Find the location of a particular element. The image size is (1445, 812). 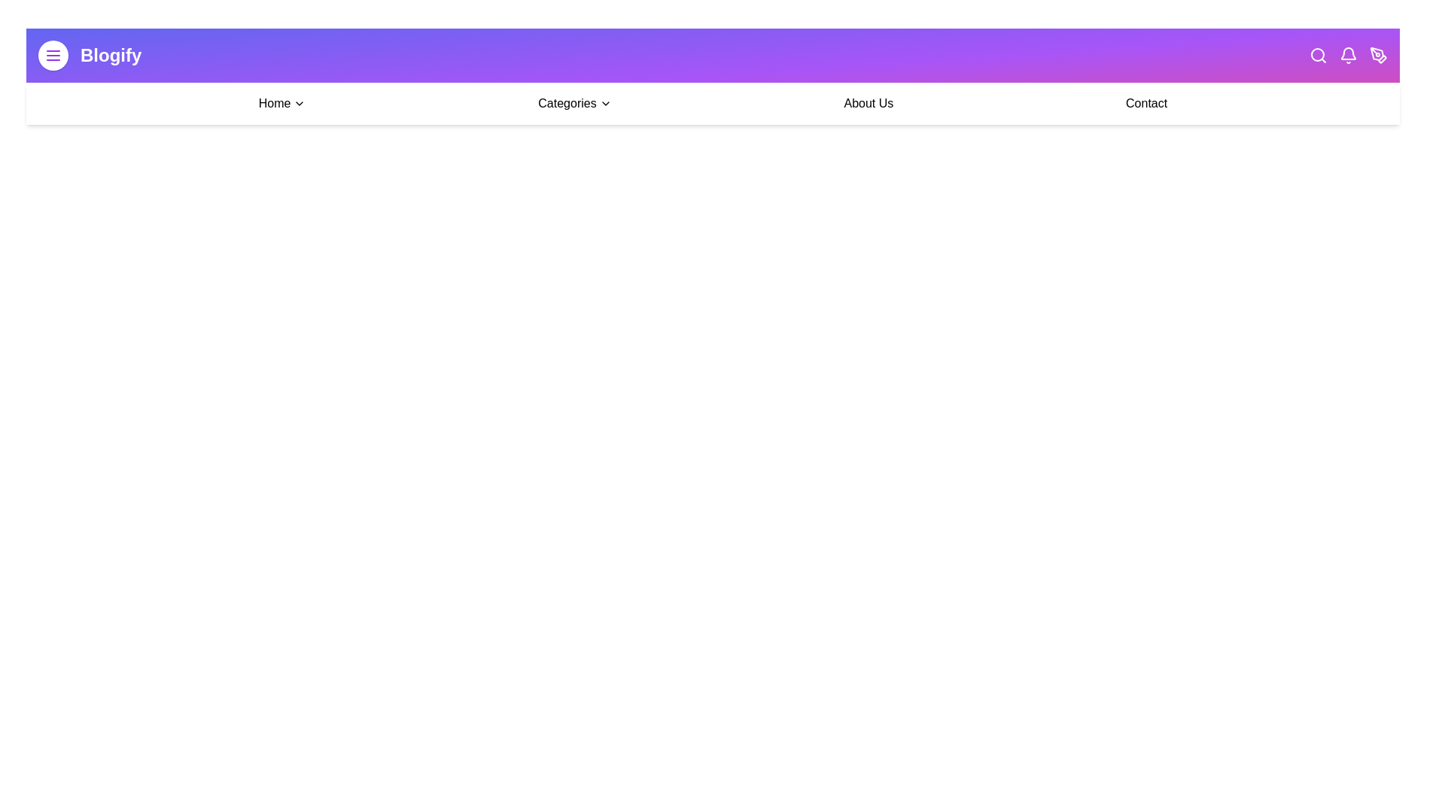

the 'Home' menu to open the dropdown is located at coordinates (281, 103).